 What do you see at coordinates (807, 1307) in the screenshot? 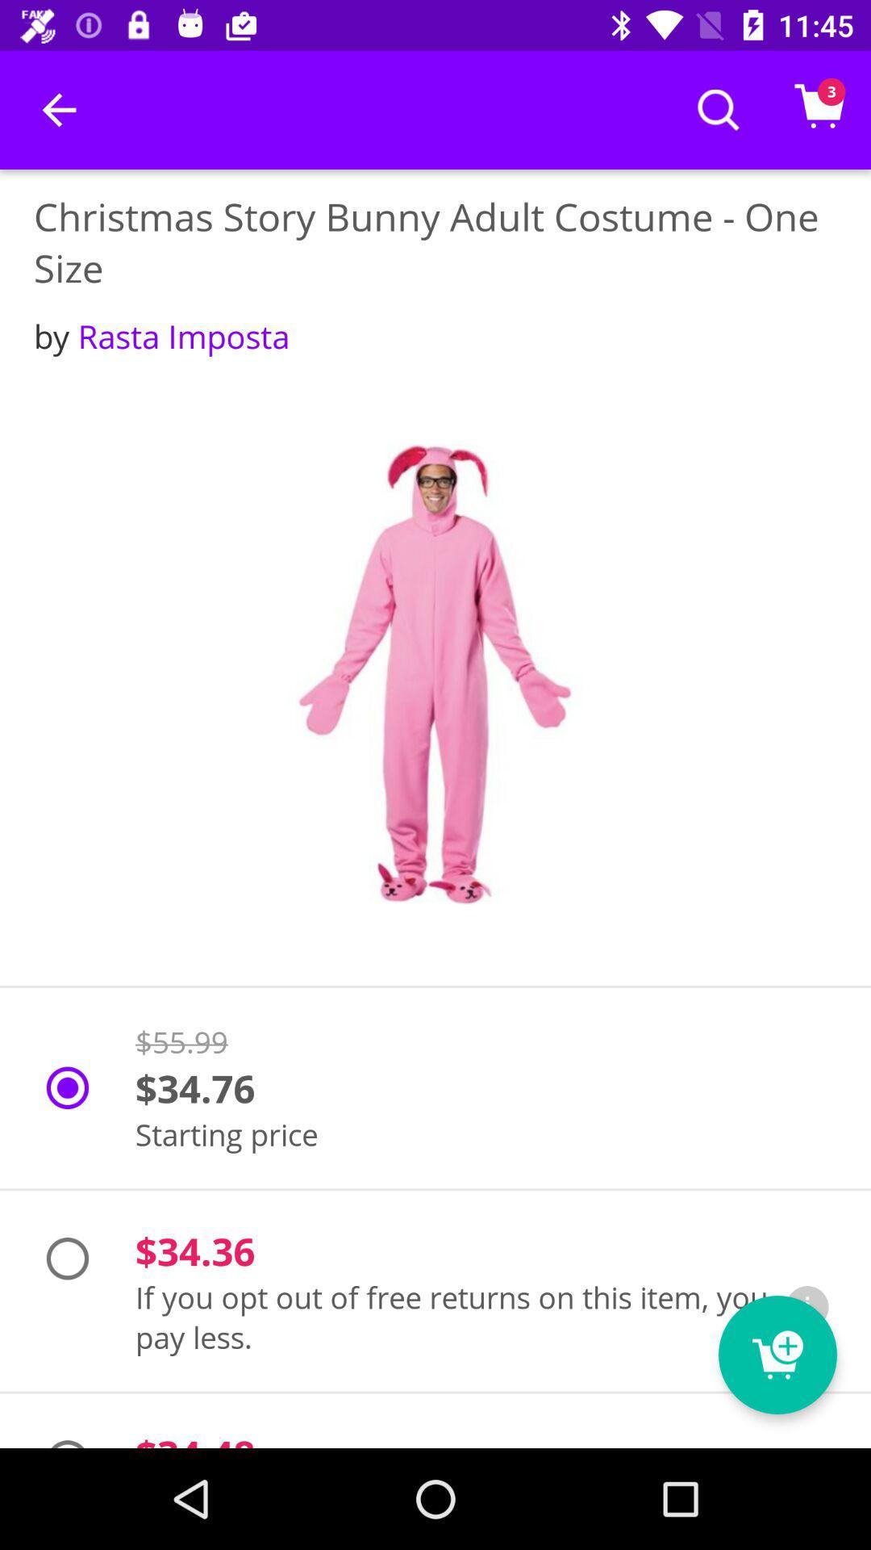
I see `the icon next to if you opt item` at bounding box center [807, 1307].